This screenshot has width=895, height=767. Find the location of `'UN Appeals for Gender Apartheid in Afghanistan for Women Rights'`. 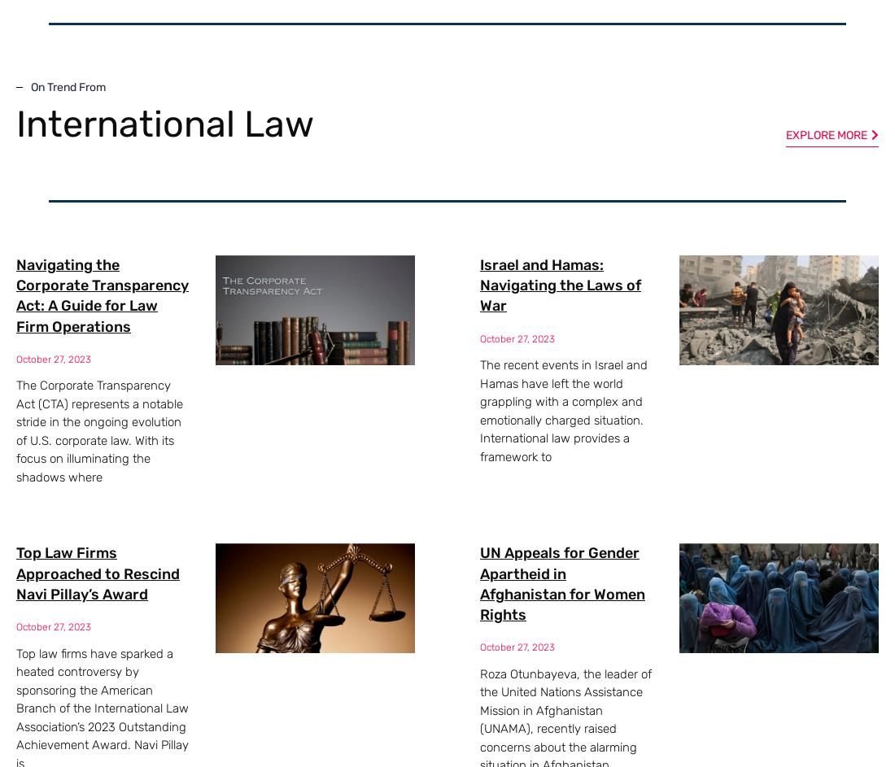

'UN Appeals for Gender Apartheid in Afghanistan for Women Rights' is located at coordinates (561, 582).